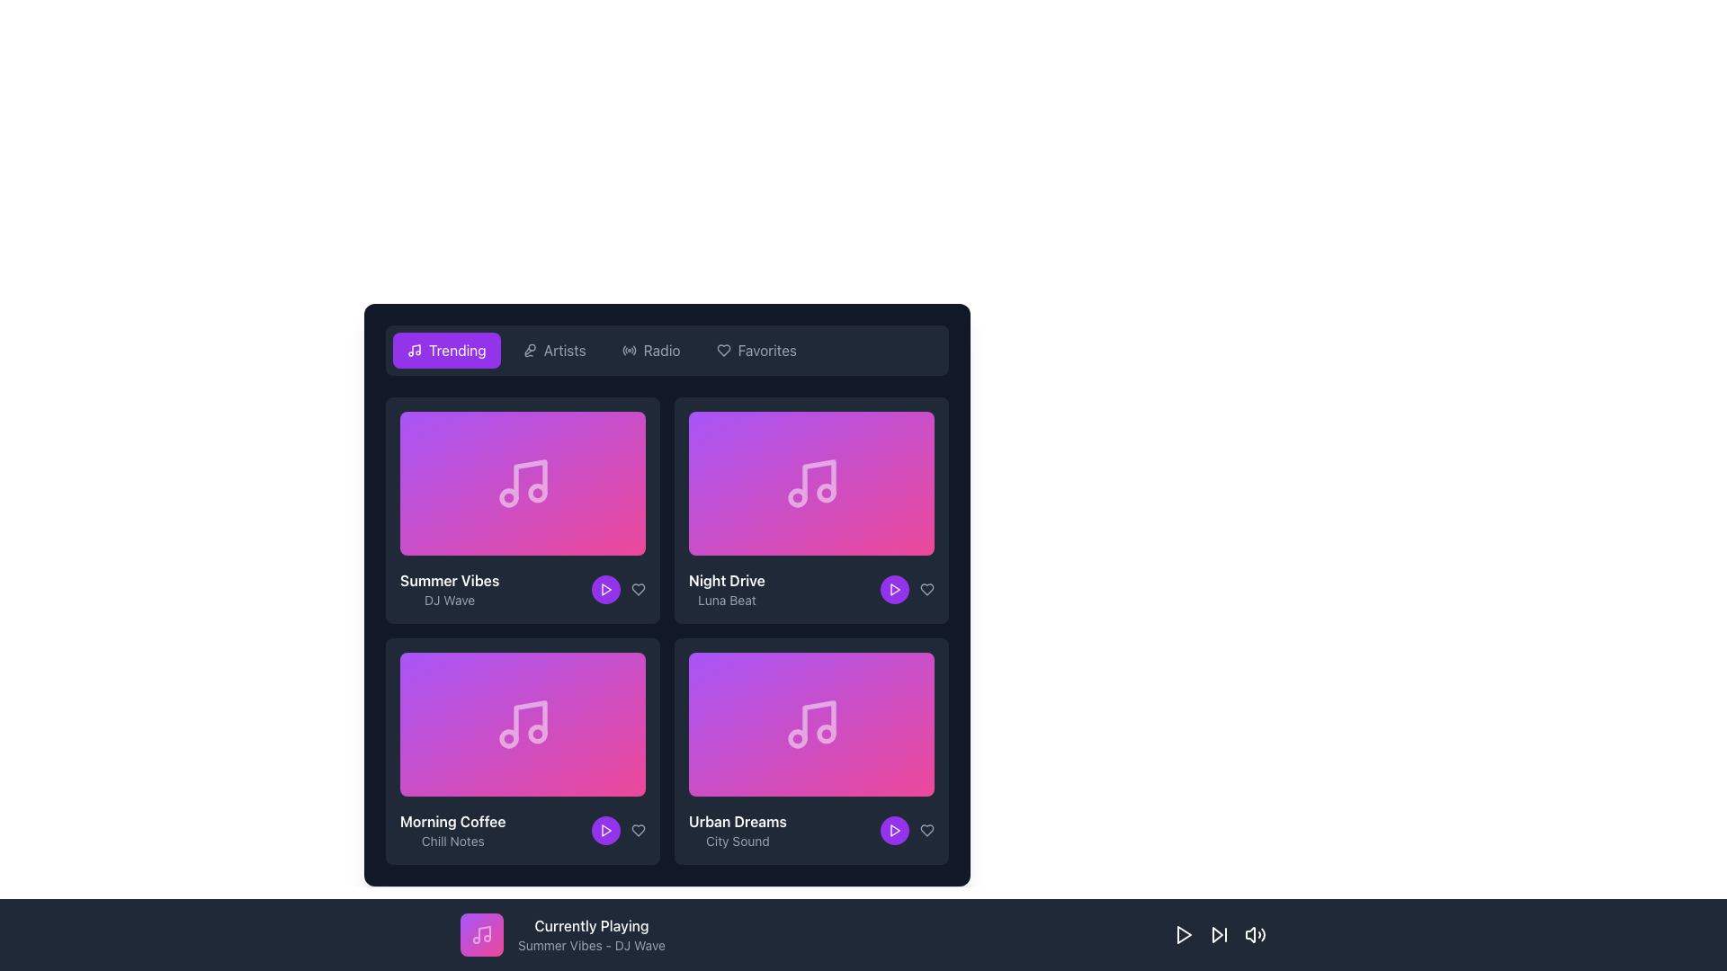 The width and height of the screenshot is (1727, 971). I want to click on the label conveying the title of a music playlist or album located in the bottom-left corner of a music card in the second row, first column of a grid layout, so click(452, 822).